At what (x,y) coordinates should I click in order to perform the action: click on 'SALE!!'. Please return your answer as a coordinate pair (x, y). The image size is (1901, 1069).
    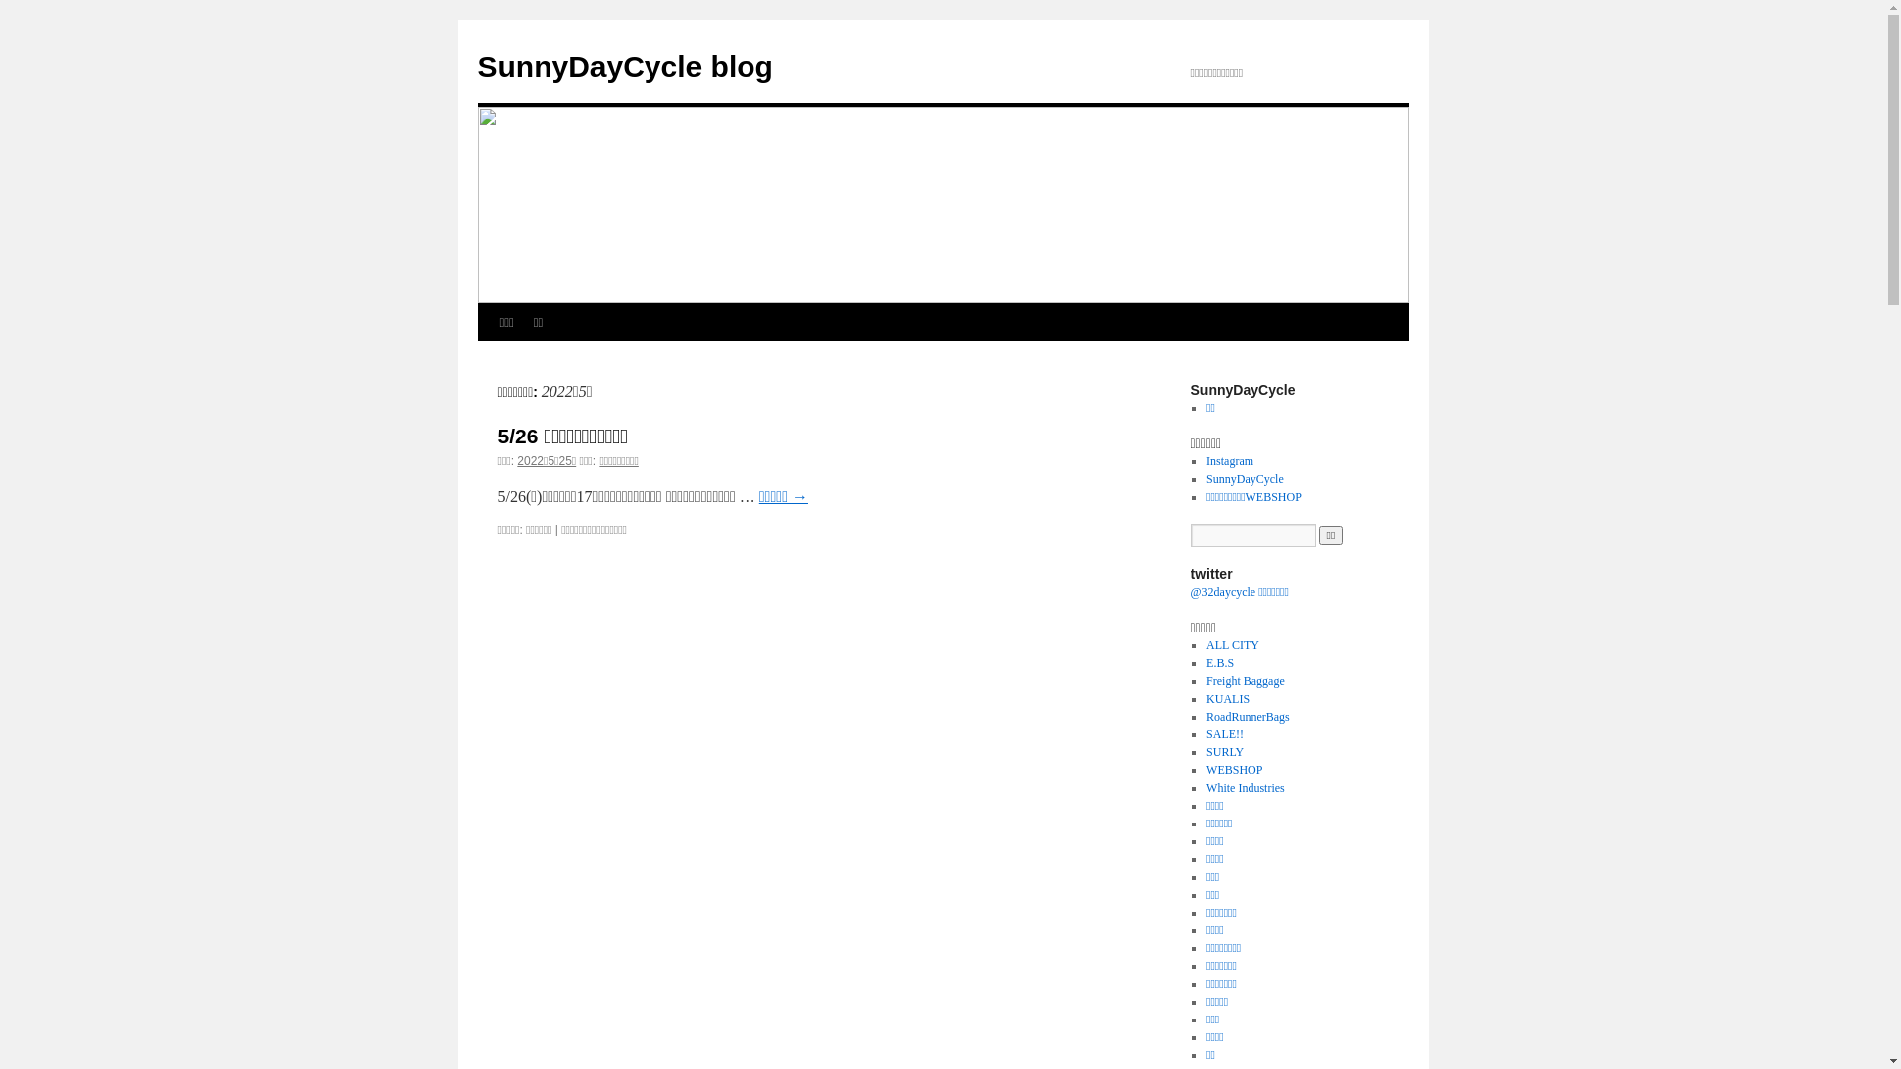
    Looking at the image, I should click on (1205, 733).